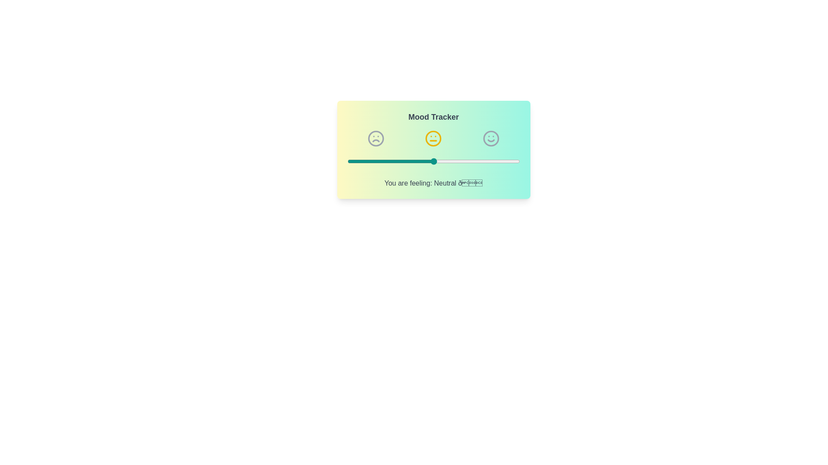 The image size is (828, 465). I want to click on the mood slider to 1 (1 for Sad, 2 for Neutral, 3 for Happy), so click(347, 161).